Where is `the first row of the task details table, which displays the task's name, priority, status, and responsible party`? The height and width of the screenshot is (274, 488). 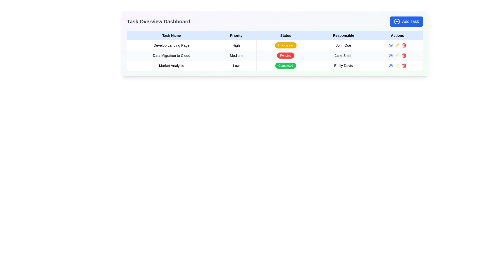
the first row of the task details table, which displays the task's name, priority, status, and responsible party is located at coordinates (274, 45).